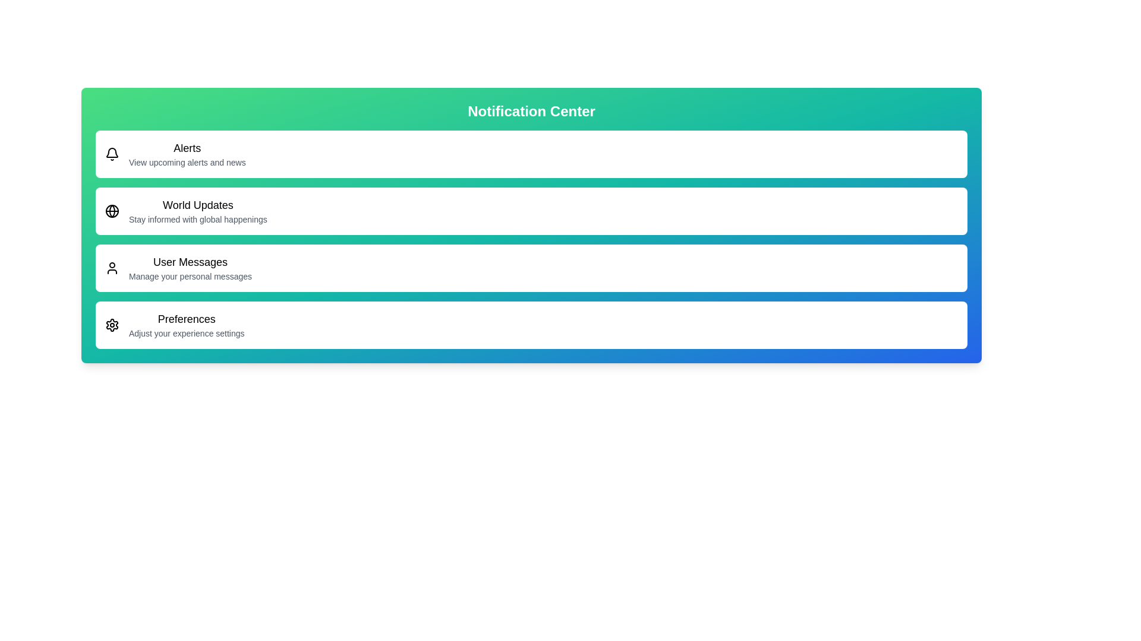 The image size is (1141, 641). What do you see at coordinates (531, 325) in the screenshot?
I see `the menu item corresponding to Preferences` at bounding box center [531, 325].